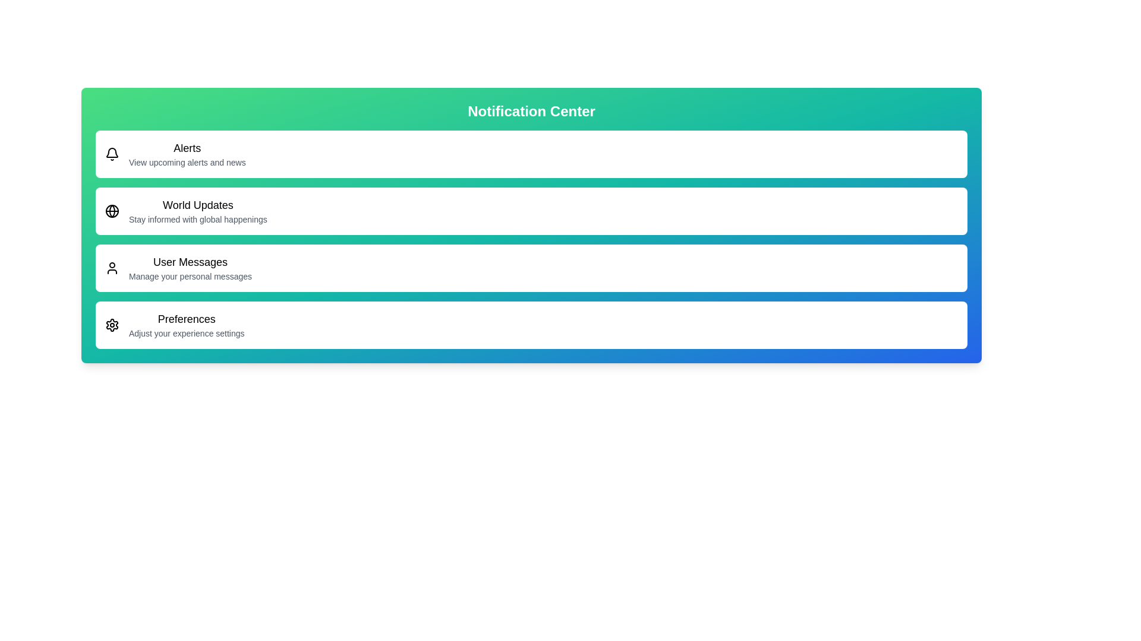 The image size is (1141, 641). What do you see at coordinates (531, 325) in the screenshot?
I see `the menu item corresponding to Preferences` at bounding box center [531, 325].